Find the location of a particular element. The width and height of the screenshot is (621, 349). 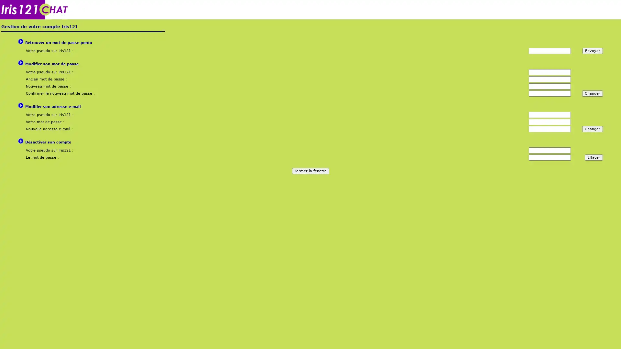

Effacer is located at coordinates (594, 157).